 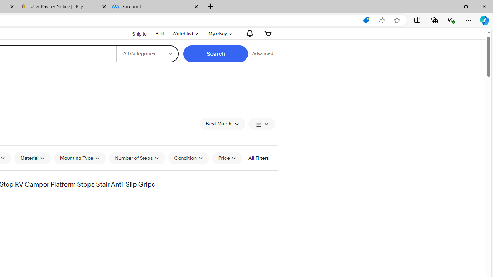 What do you see at coordinates (134, 33) in the screenshot?
I see `'Ship to'` at bounding box center [134, 33].